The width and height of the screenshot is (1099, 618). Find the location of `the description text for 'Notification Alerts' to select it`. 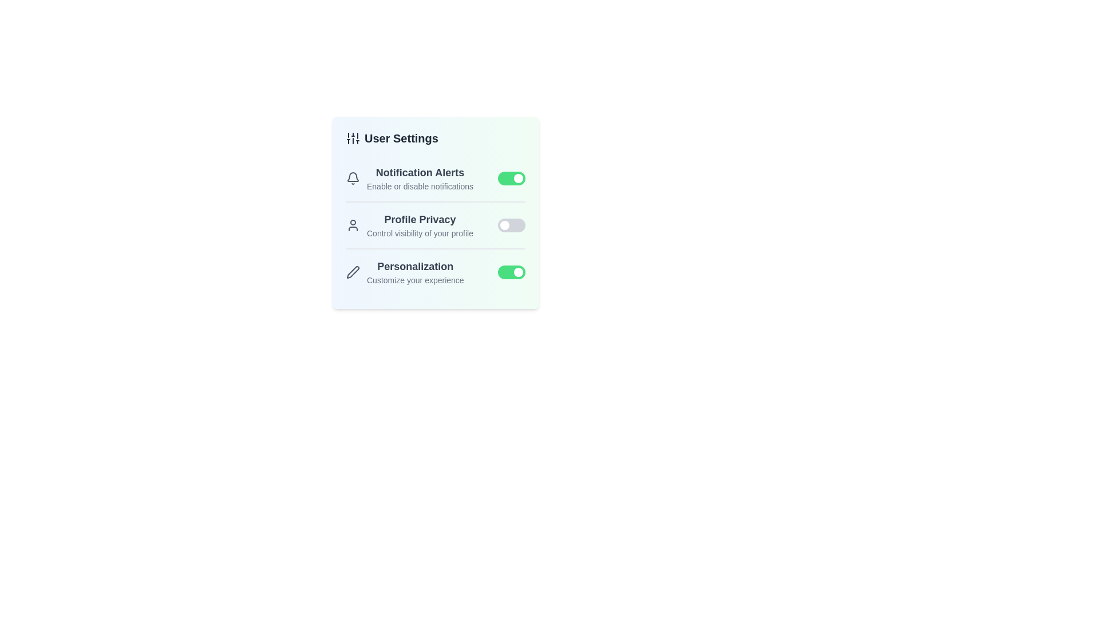

the description text for 'Notification Alerts' to select it is located at coordinates (420, 186).